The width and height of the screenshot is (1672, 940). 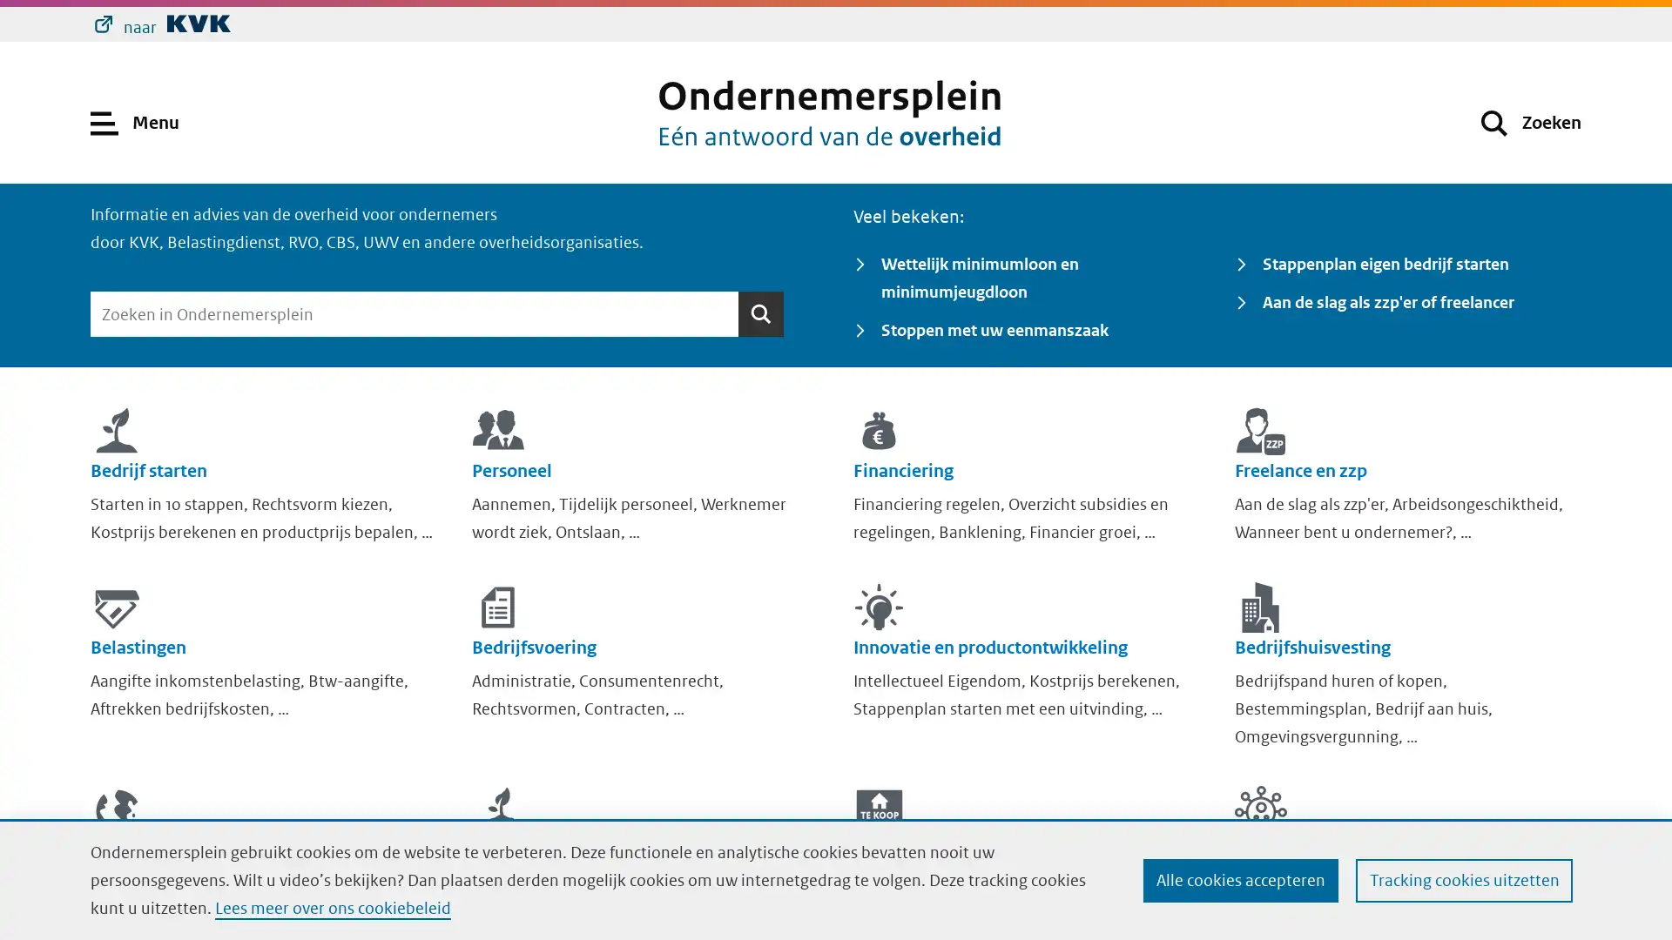 I want to click on Alle cookies accepteren, so click(x=1240, y=880).